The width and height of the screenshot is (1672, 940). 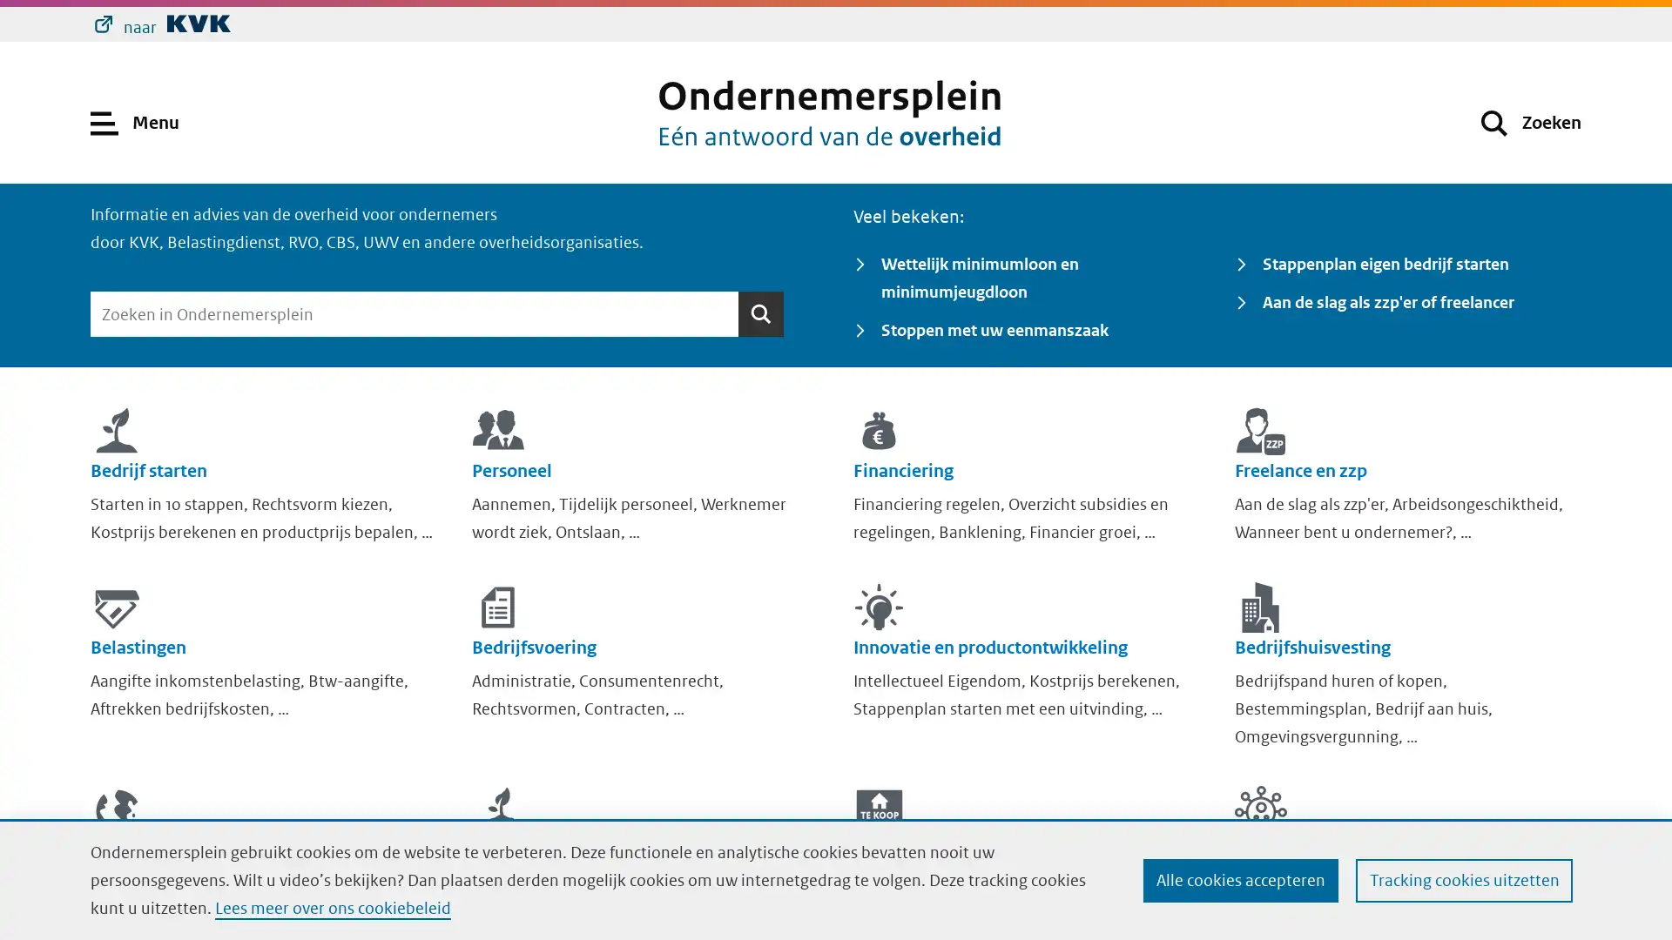 I want to click on Alle cookies accepteren, so click(x=1240, y=880).